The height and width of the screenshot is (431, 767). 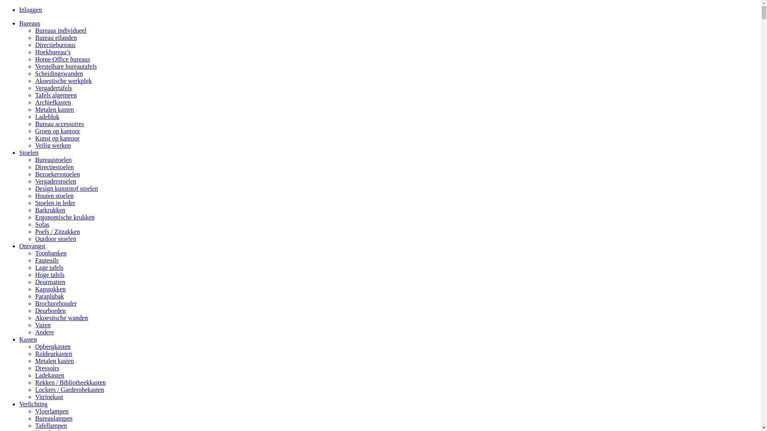 I want to click on 'Brochurehouder', so click(x=55, y=303).